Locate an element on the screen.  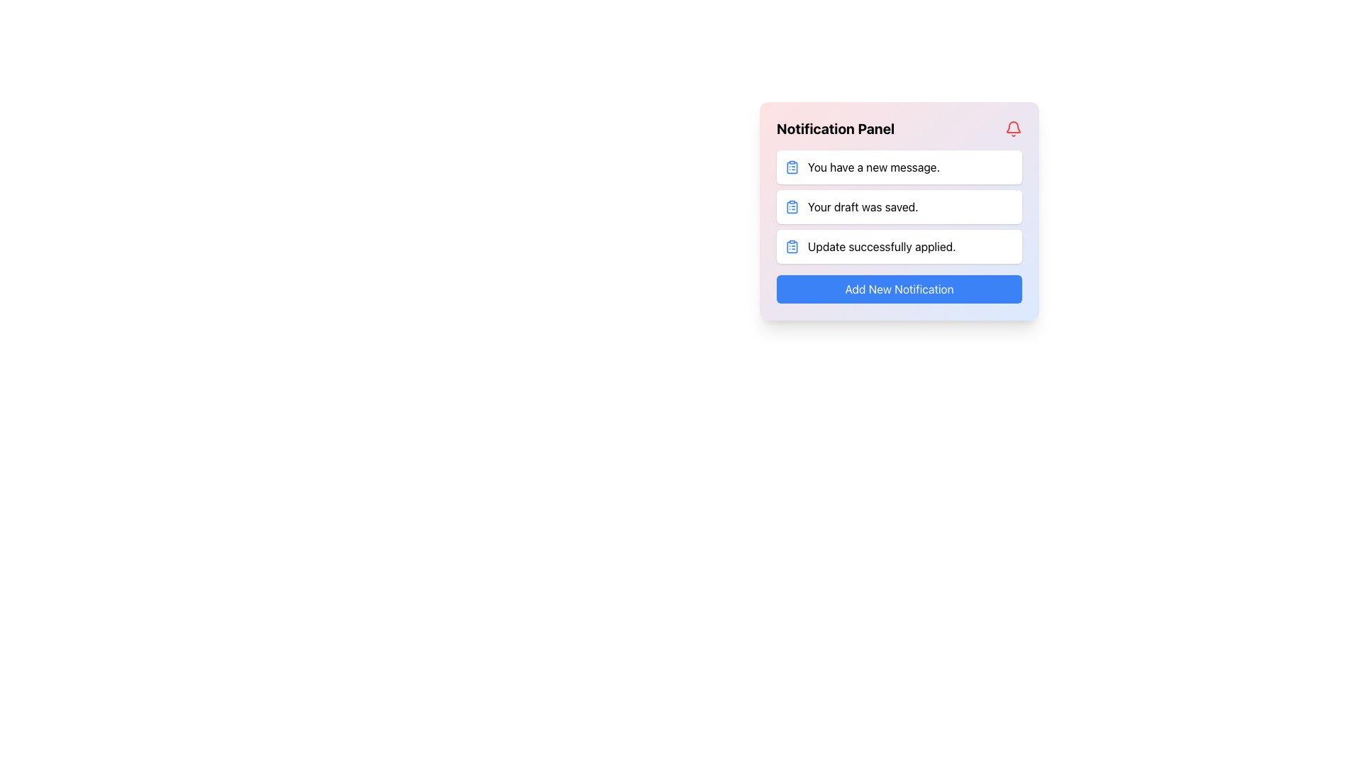
the second notification item in the notification panel that confirms the draft has been saved is located at coordinates (898, 207).